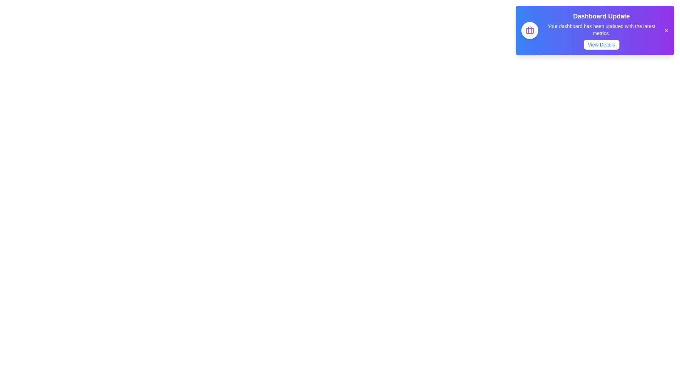  Describe the element at coordinates (601, 45) in the screenshot. I see `the 'View Details' button to view the update details` at that location.